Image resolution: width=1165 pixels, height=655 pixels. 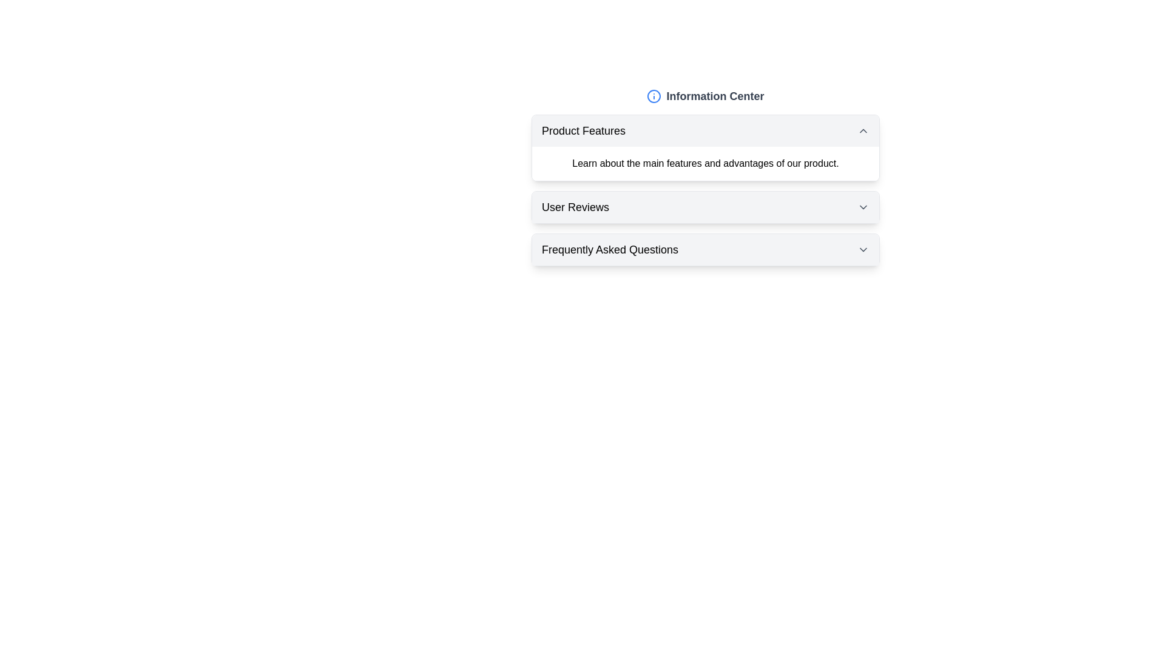 What do you see at coordinates (862, 249) in the screenshot?
I see `the Toggle Icon located at the far right of the Frequently Asked Questions section's title bar` at bounding box center [862, 249].